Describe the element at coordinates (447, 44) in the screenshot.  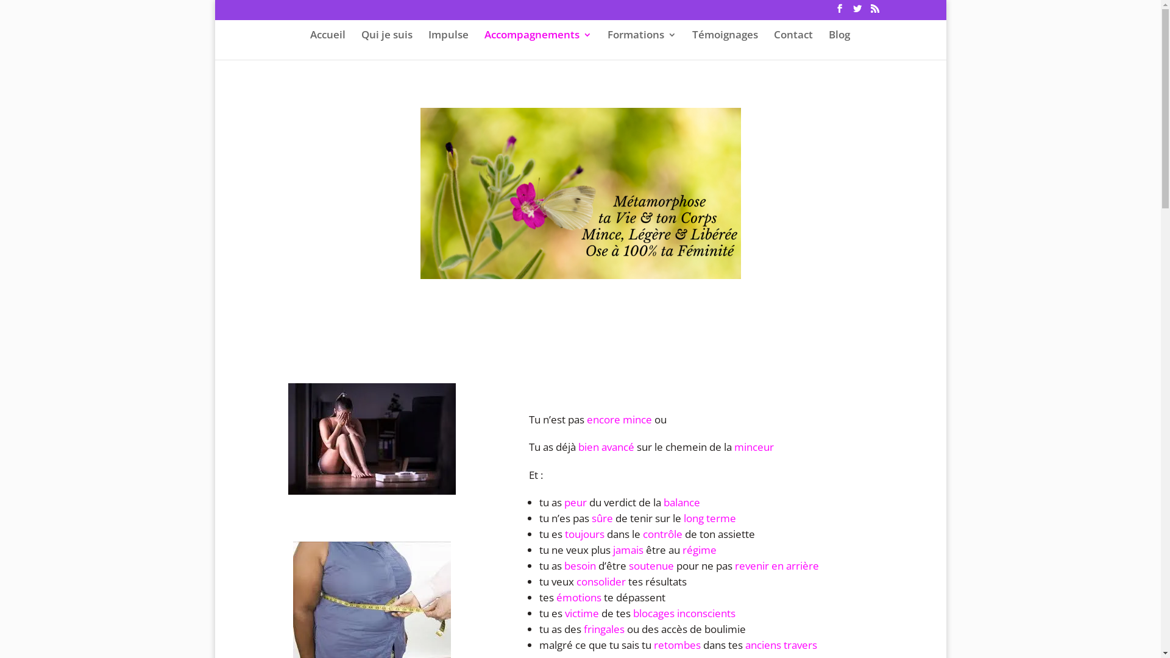
I see `'Impulse'` at that location.